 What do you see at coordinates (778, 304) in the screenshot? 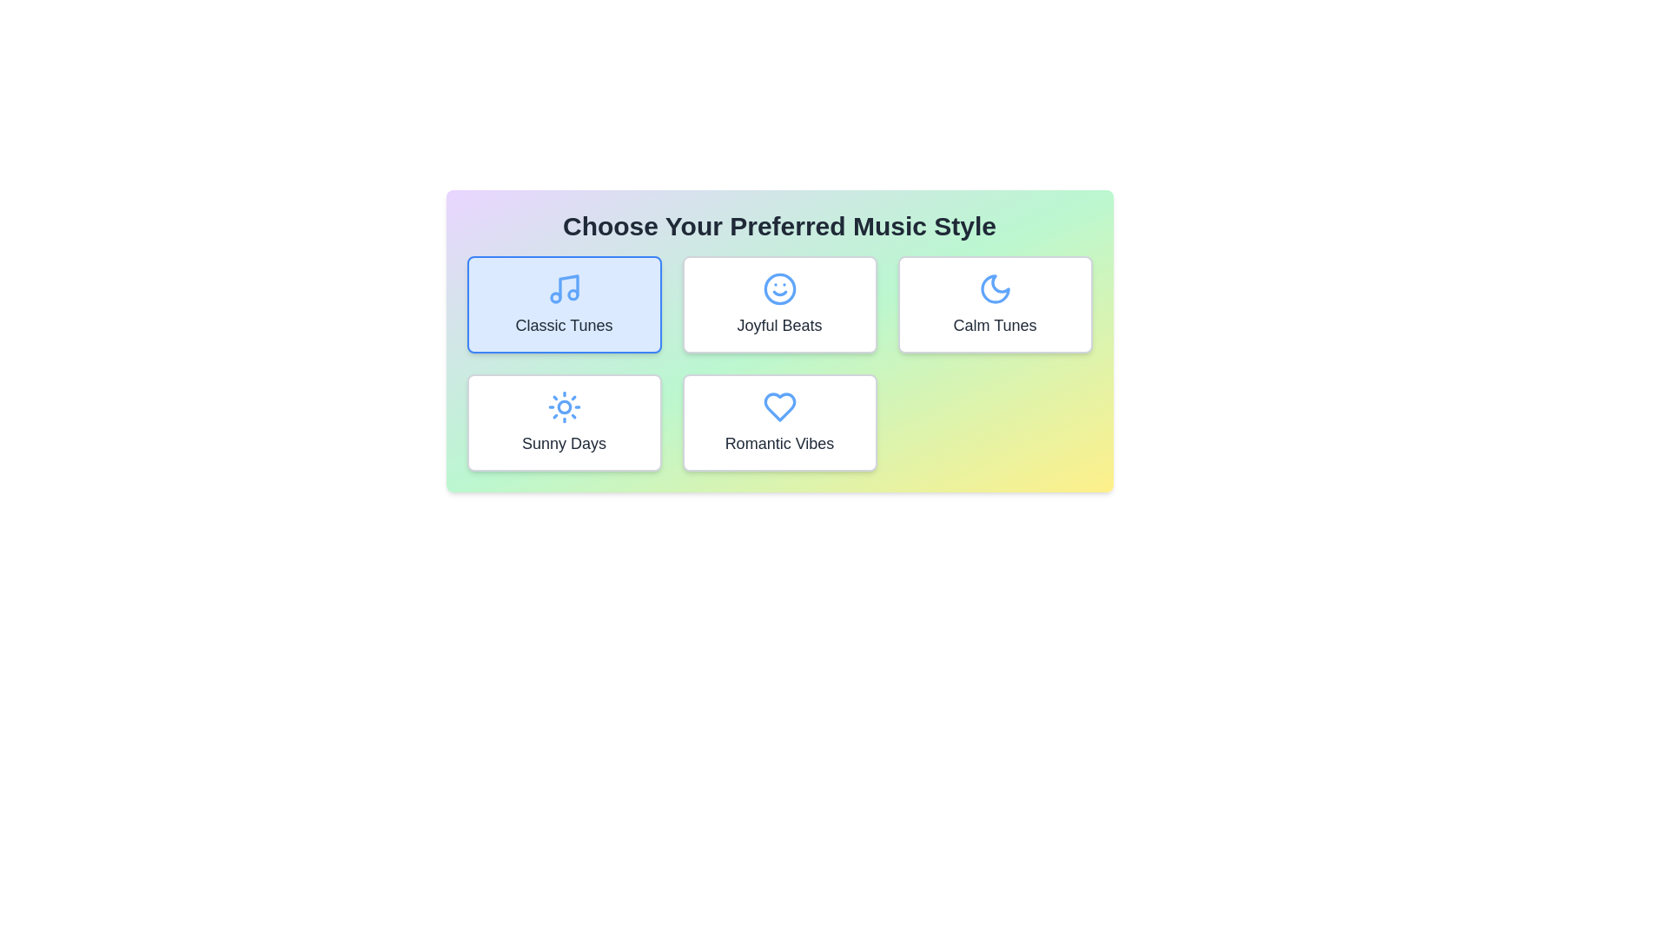
I see `the card styled component labeled 'Joyful Beats' which has a blue circular smiley face icon and is located in the second column of the top row of a grid layout` at bounding box center [778, 304].